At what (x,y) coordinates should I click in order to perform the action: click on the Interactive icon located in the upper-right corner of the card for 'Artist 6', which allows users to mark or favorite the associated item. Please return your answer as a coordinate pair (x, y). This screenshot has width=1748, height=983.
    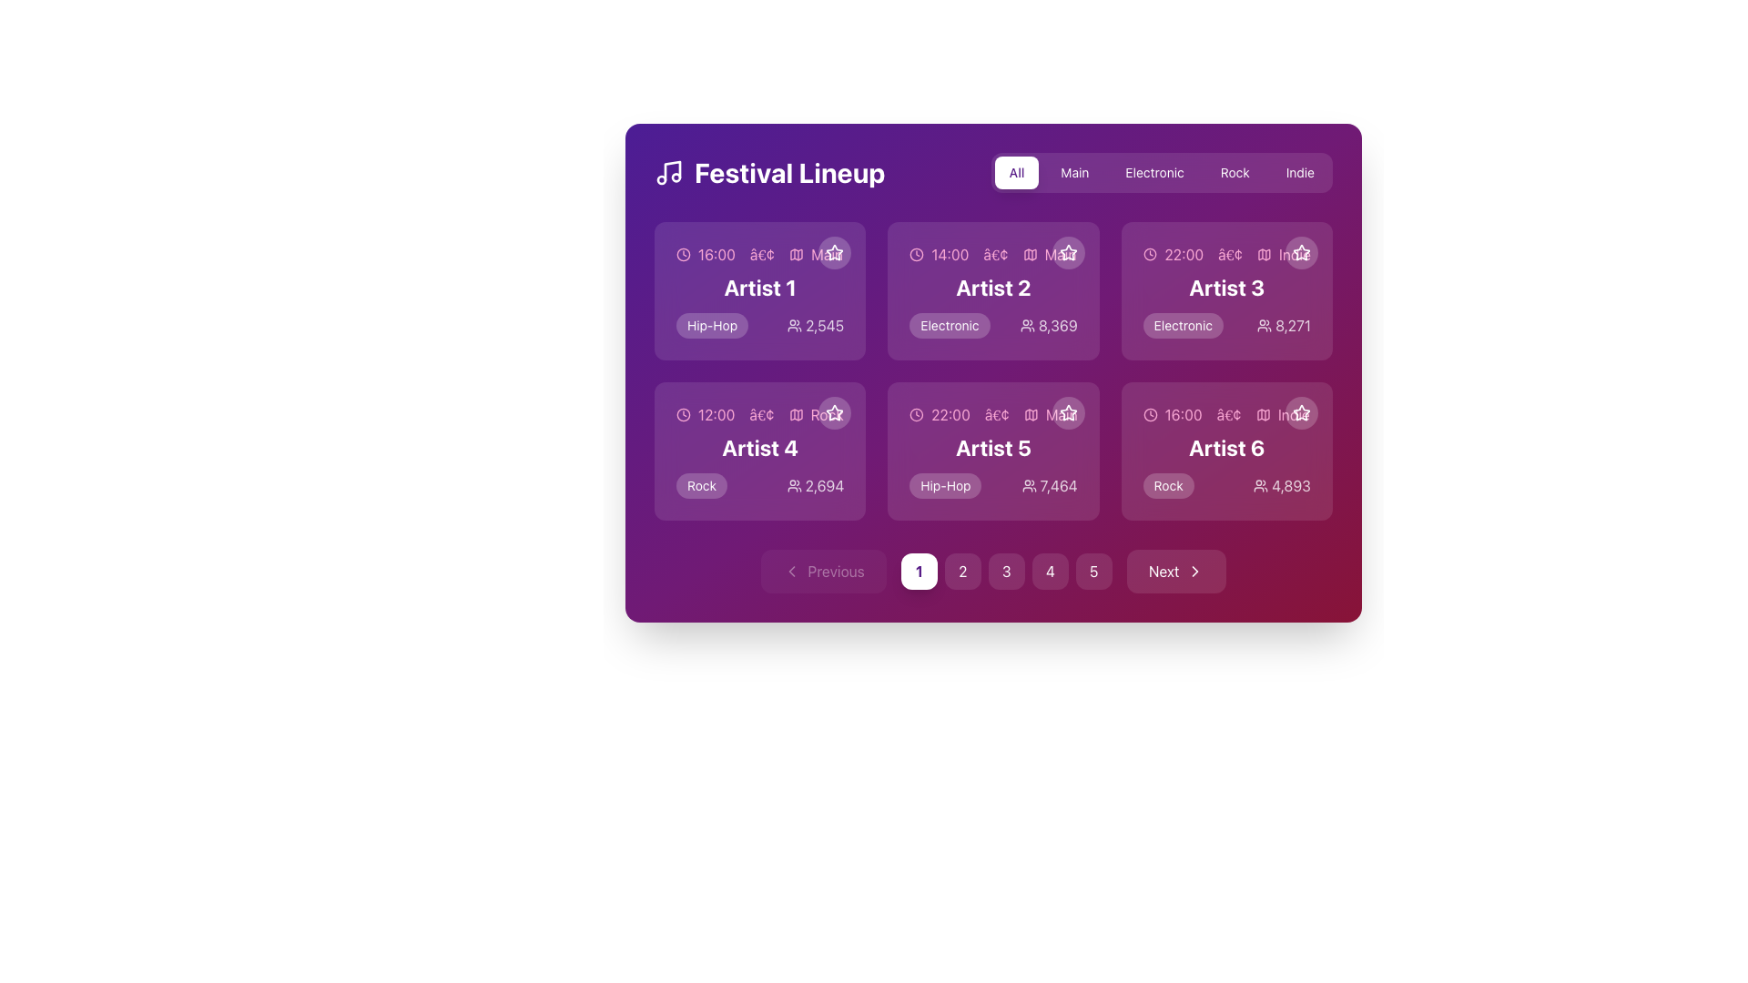
    Looking at the image, I should click on (1301, 413).